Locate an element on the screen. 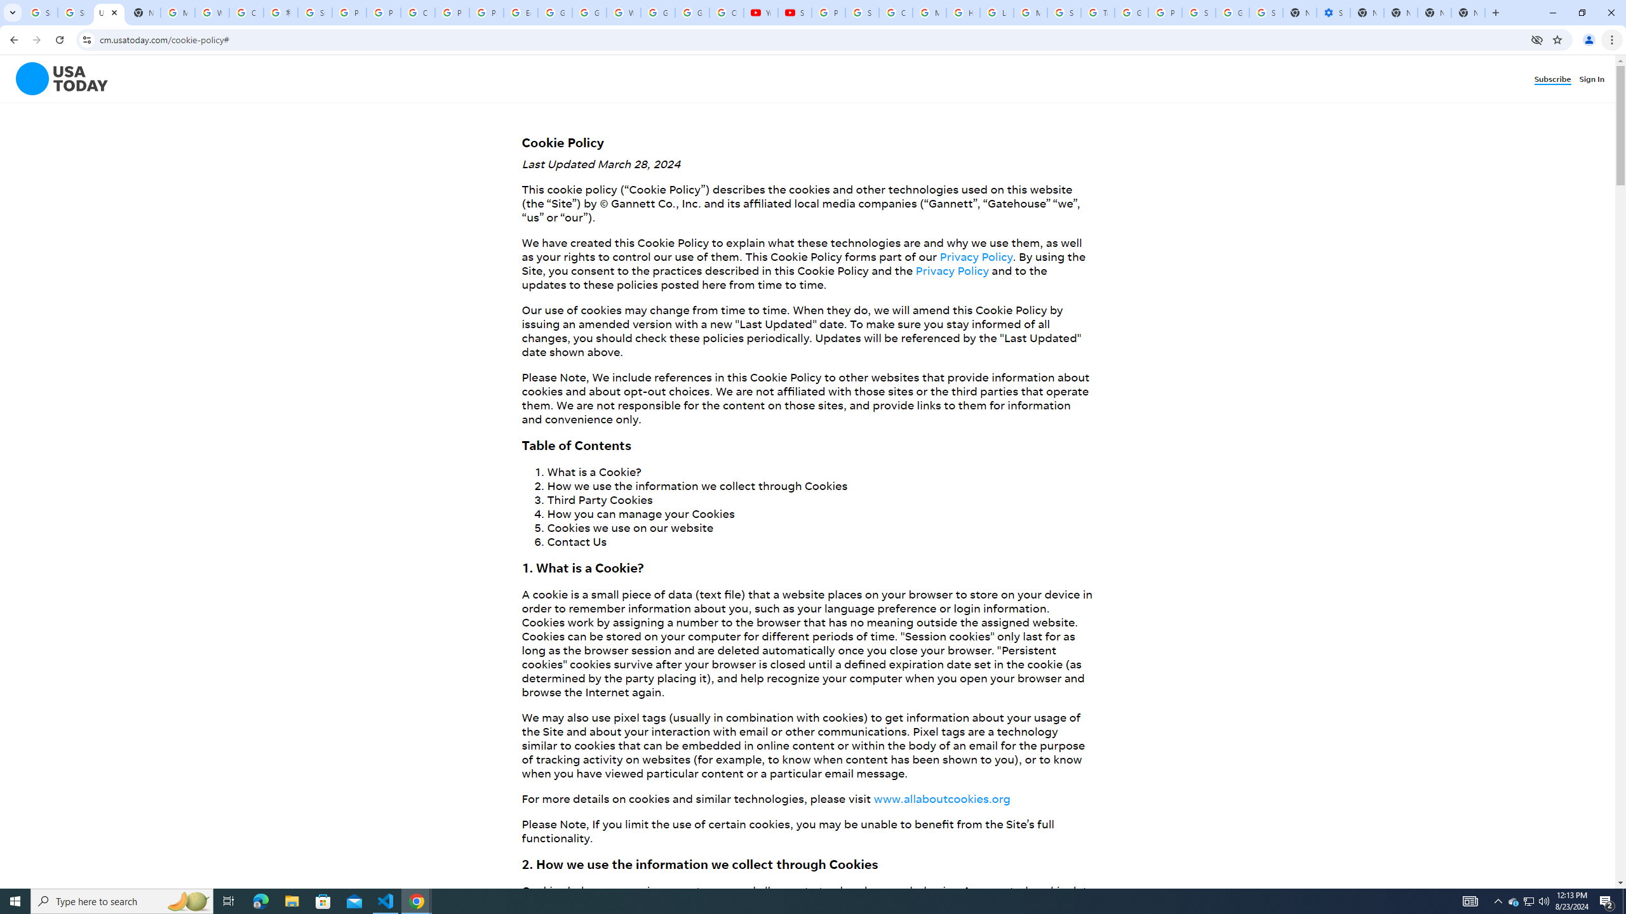  'Welcome to My Activity' is located at coordinates (624, 12).